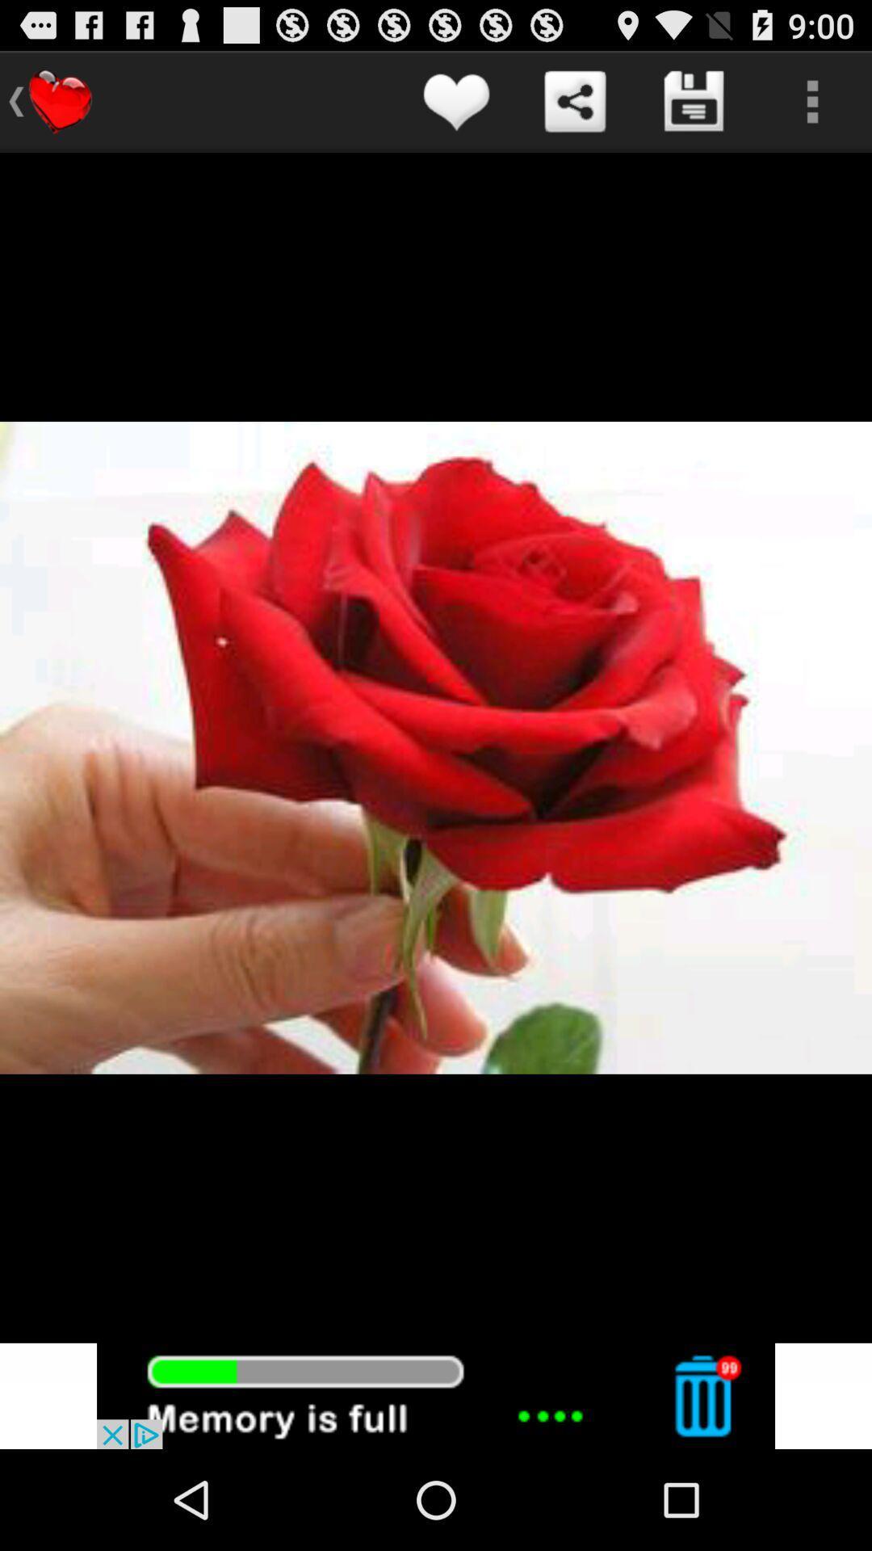 This screenshot has width=872, height=1551. What do you see at coordinates (812, 100) in the screenshot?
I see `more` at bounding box center [812, 100].